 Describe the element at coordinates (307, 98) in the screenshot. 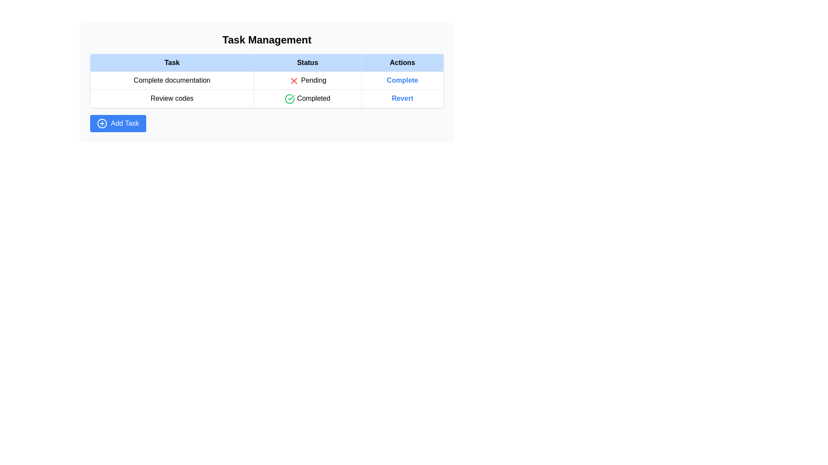

I see `the display label that shows 'Completed' with a green checkmark icon in the 'Status' column for the task 'Review codes'` at that location.